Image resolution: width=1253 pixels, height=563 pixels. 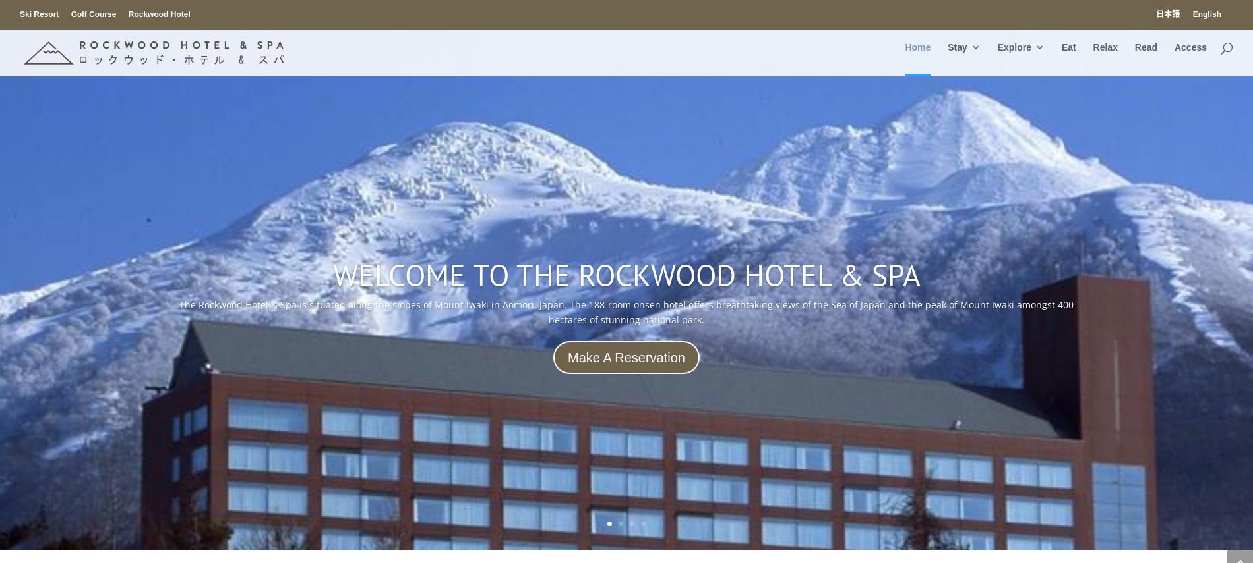 I want to click on 'English', so click(x=1206, y=14).